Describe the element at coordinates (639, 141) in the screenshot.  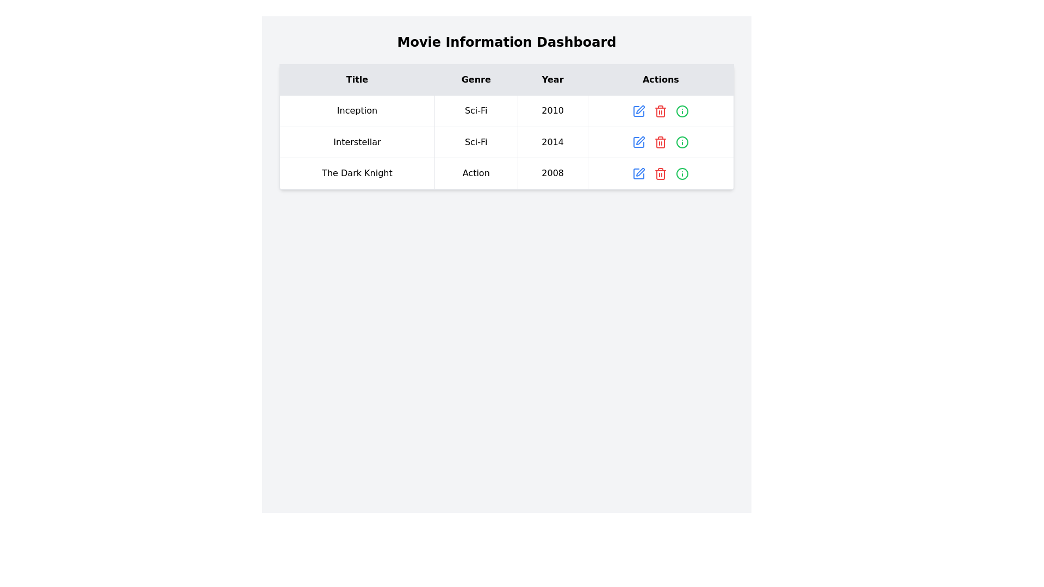
I see `the 'Edit Information' icon button located in the second row of the 'Actions' column` at that location.